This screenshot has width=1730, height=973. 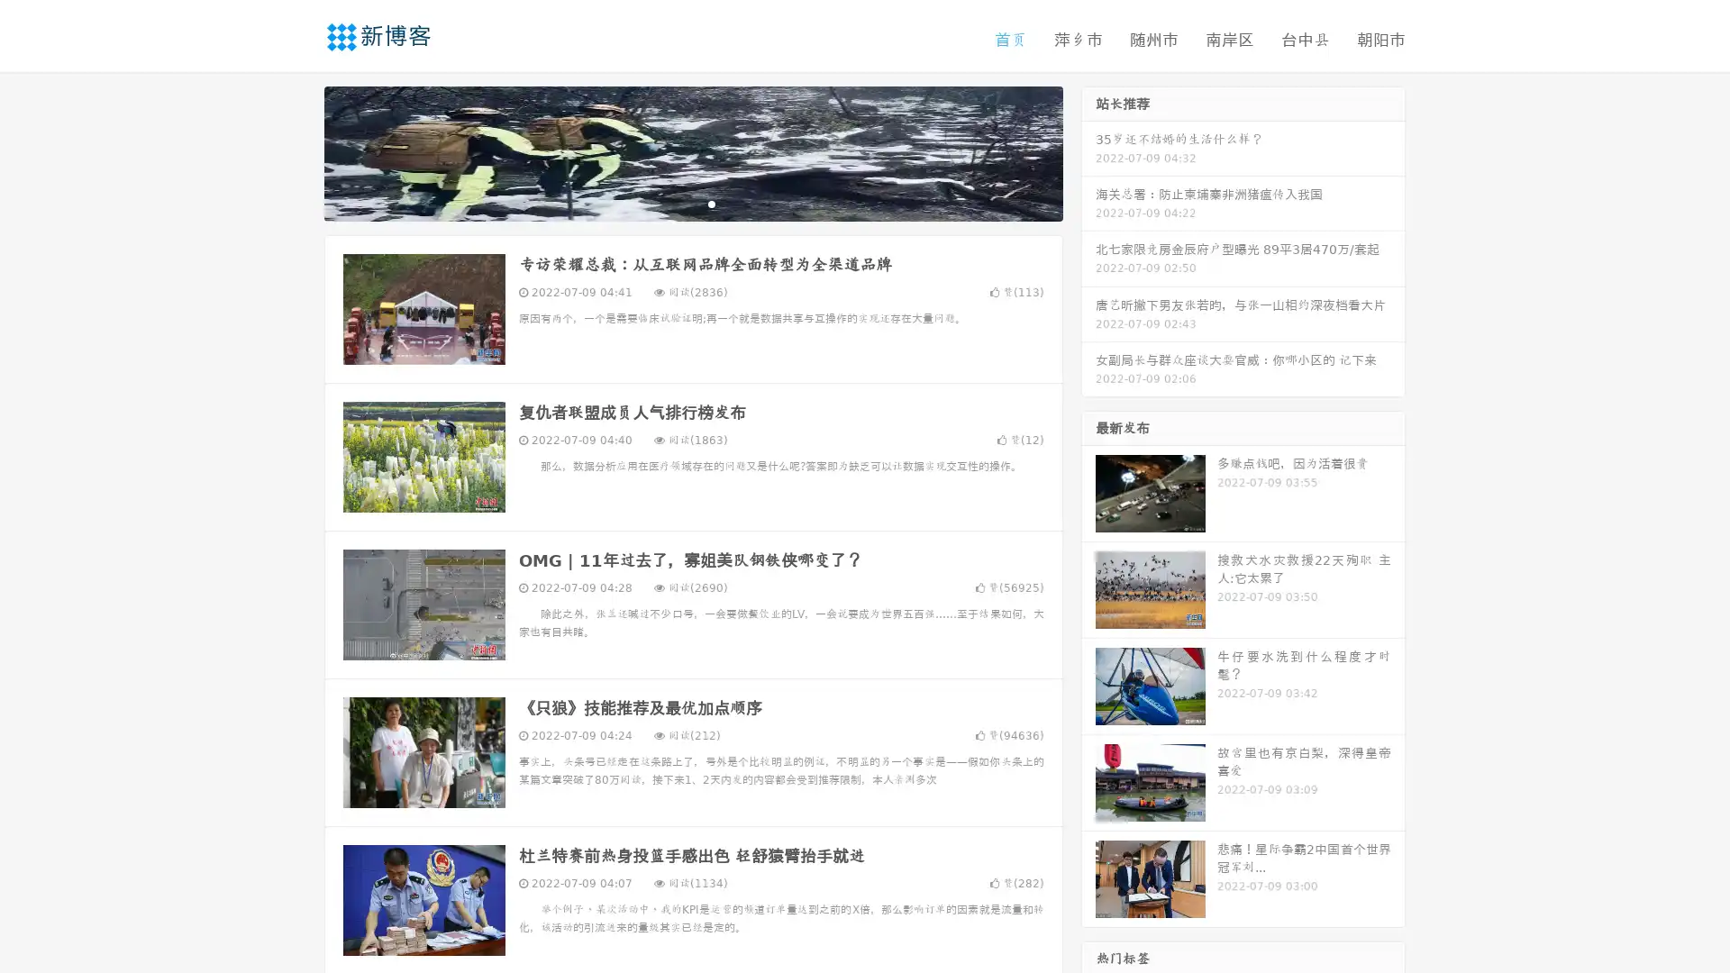 I want to click on Go to slide 1, so click(x=674, y=203).